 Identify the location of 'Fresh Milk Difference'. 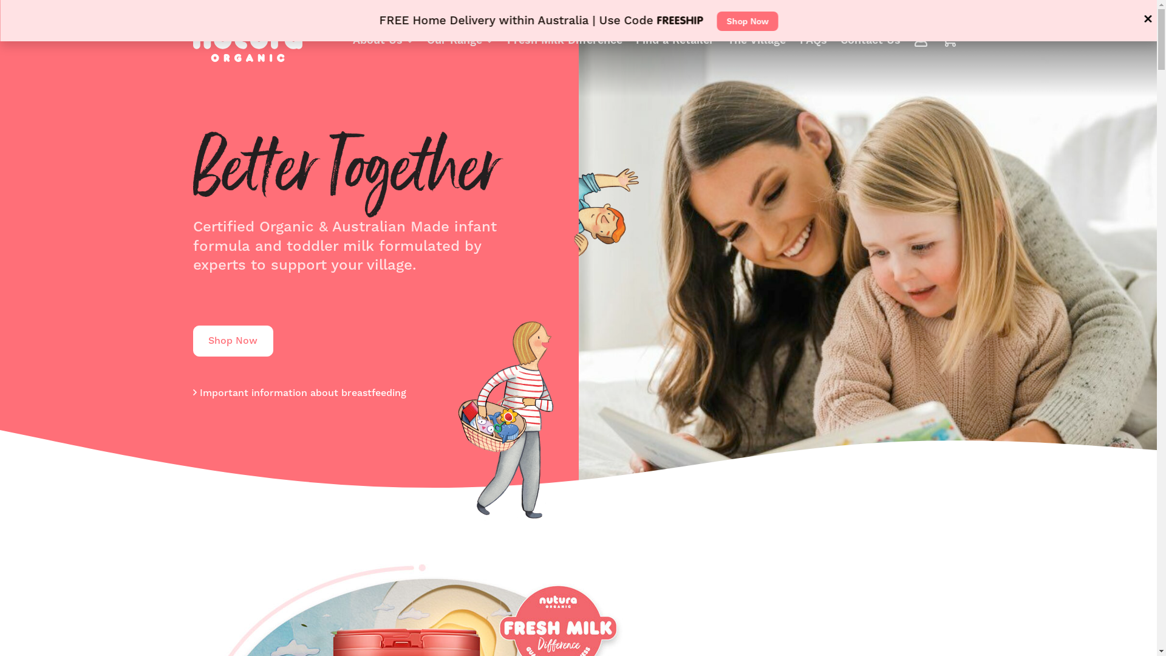
(564, 39).